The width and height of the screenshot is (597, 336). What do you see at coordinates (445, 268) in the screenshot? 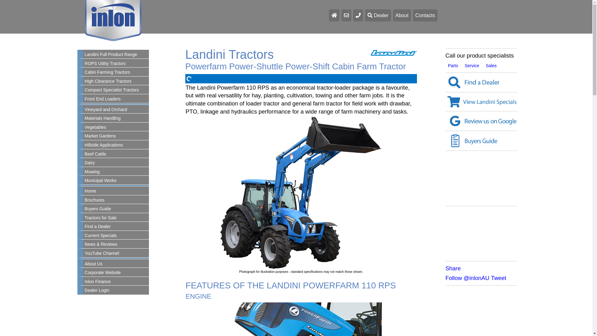
I see `'Share'` at bounding box center [445, 268].